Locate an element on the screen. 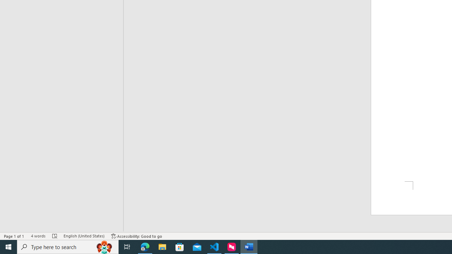 This screenshot has height=254, width=452. 'Language English (United States)' is located at coordinates (84, 236).